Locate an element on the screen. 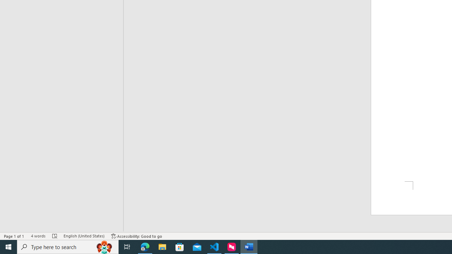 This screenshot has height=254, width=452. 'Language English (United States)' is located at coordinates (84, 236).